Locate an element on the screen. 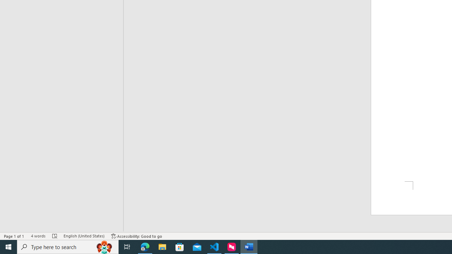 This screenshot has height=254, width=452. 'Language English (United States)' is located at coordinates (84, 236).